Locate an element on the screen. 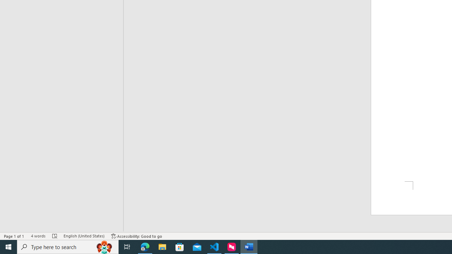 This screenshot has height=254, width=452. 'Language English (United States)' is located at coordinates (84, 236).